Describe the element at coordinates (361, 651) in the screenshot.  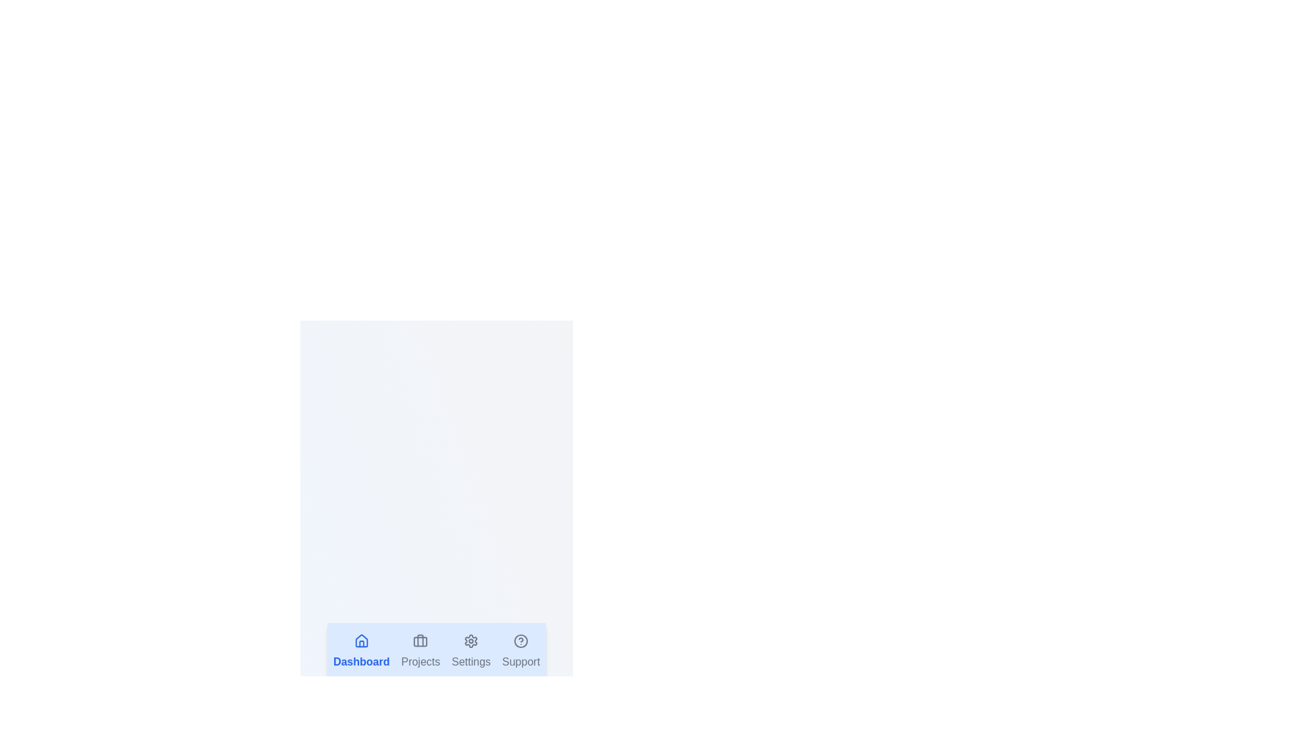
I see `the tab labeled Dashboard` at that location.